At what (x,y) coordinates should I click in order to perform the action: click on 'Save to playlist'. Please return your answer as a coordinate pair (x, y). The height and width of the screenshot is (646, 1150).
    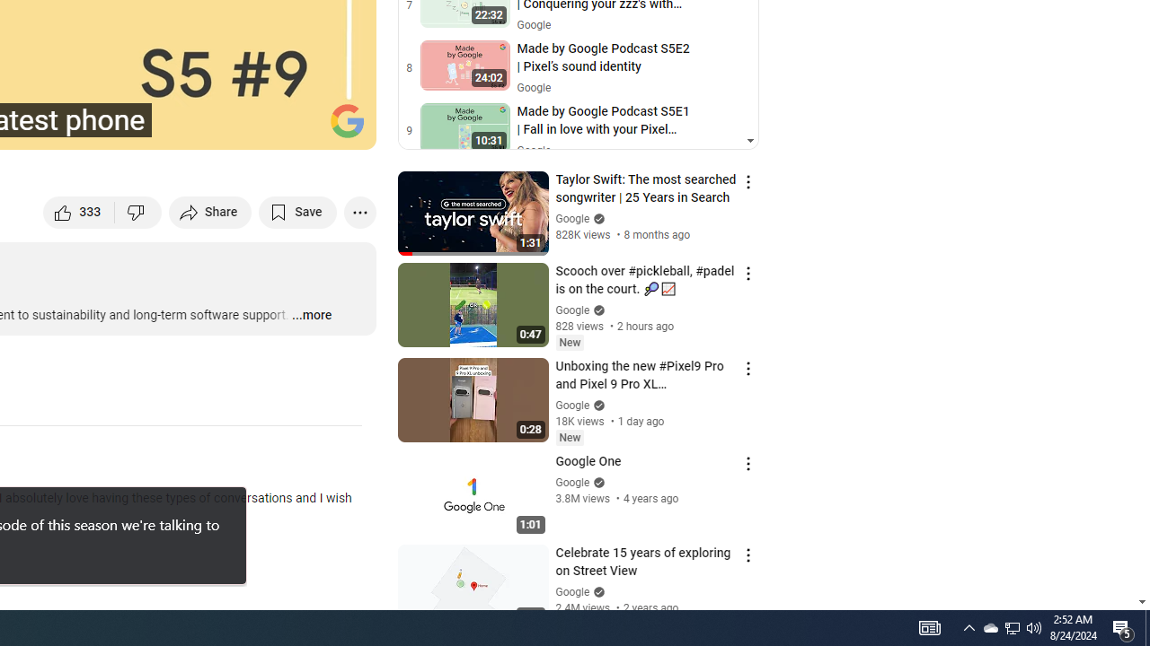
    Looking at the image, I should click on (297, 211).